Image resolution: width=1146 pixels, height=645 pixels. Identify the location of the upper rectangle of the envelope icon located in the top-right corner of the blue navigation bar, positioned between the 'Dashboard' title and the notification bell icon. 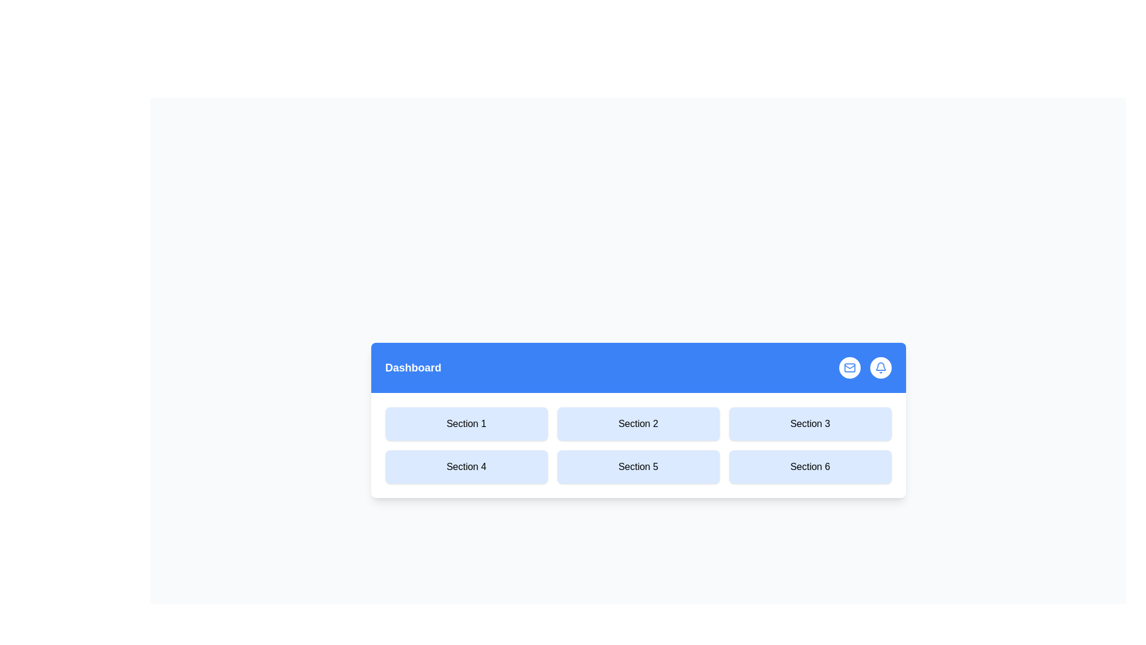
(849, 367).